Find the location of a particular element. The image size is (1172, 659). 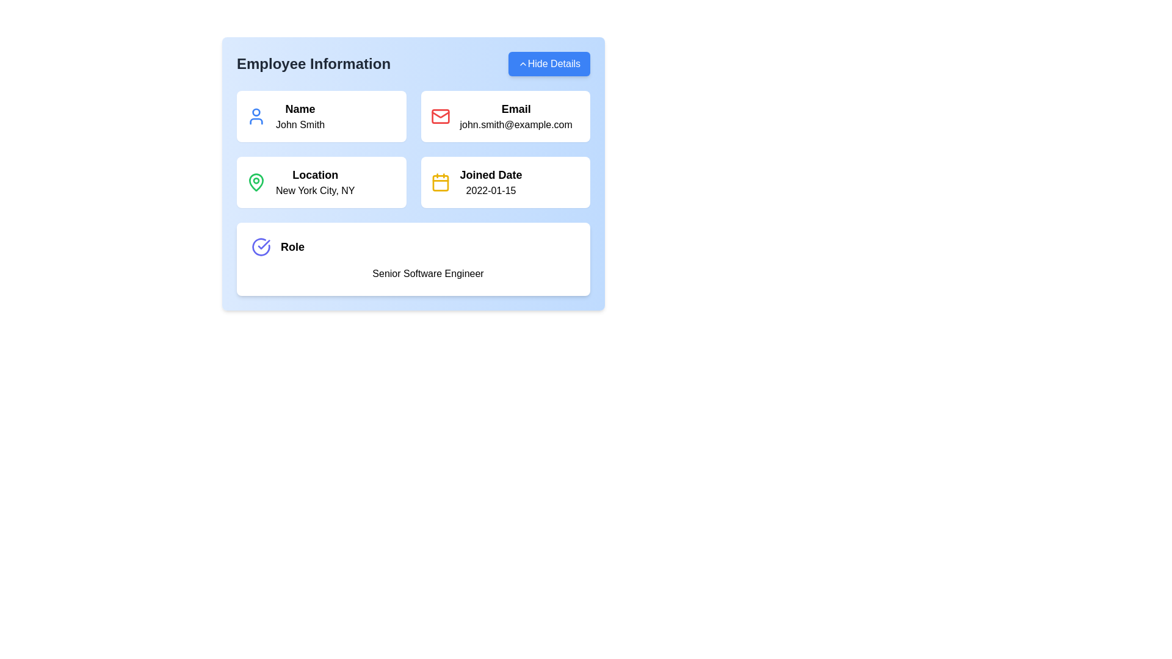

the static text displaying the user's name information located in the 'Employee Information' section under the header 'Name', positioned directly below a user icon is located at coordinates (300, 124).